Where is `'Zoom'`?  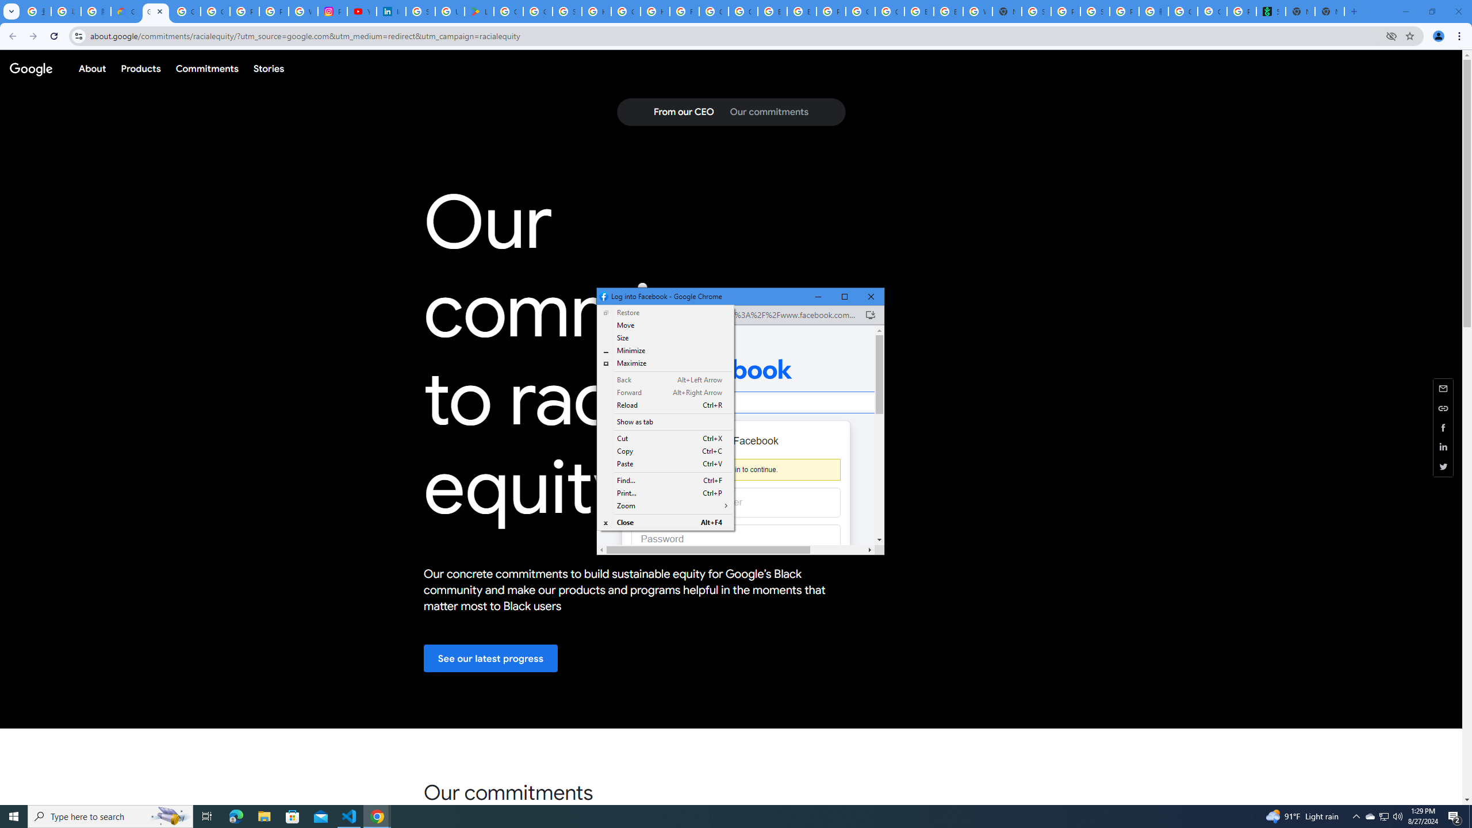 'Zoom' is located at coordinates (665, 505).